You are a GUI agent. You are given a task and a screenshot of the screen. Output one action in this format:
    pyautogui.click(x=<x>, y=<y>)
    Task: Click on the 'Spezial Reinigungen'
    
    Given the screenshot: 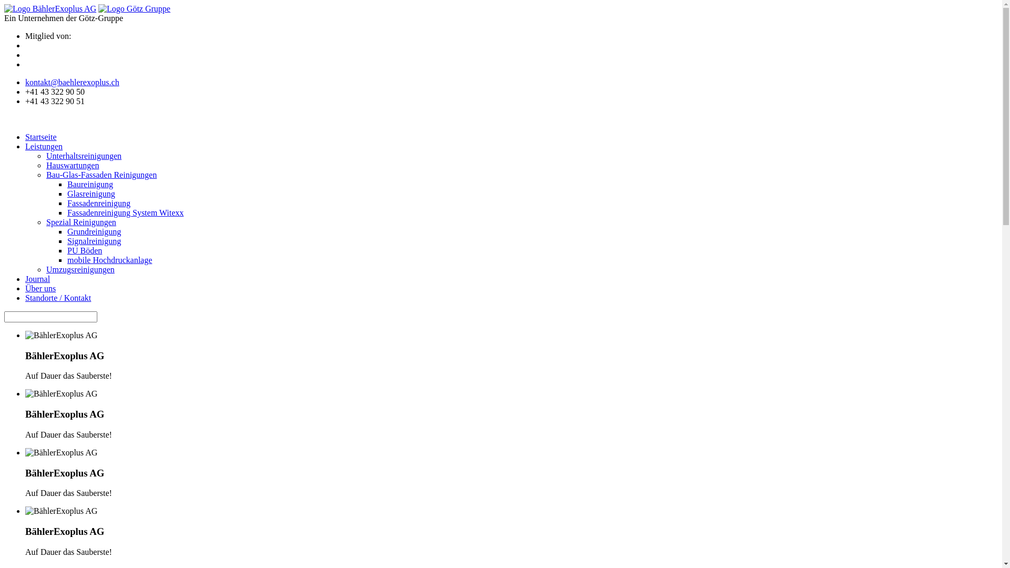 What is the action you would take?
    pyautogui.click(x=45, y=221)
    